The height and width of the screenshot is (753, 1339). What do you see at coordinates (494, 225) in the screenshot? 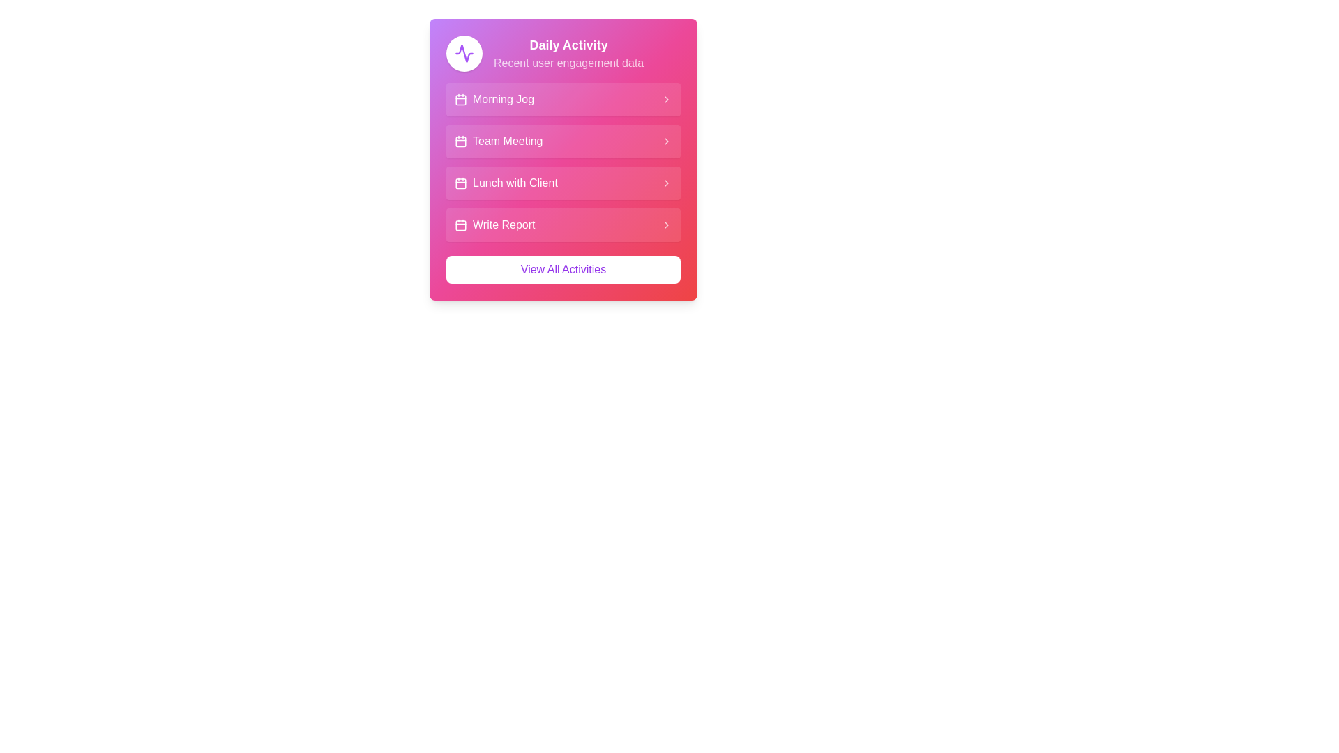
I see `the 'Write Report' button in the 'Daily Activity' section, which is the fourth item in the vertical list, located between 'Lunch with Client' and 'View All Activities'` at bounding box center [494, 225].